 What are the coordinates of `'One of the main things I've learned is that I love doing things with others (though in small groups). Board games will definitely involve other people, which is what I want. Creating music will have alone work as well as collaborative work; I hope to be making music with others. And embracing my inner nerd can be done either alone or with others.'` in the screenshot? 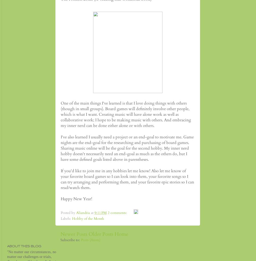 It's located at (126, 114).